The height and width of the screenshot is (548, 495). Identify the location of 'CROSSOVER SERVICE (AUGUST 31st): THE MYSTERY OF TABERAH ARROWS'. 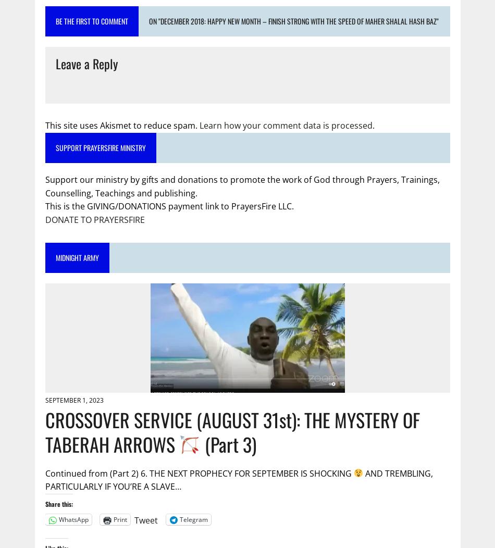
(231, 431).